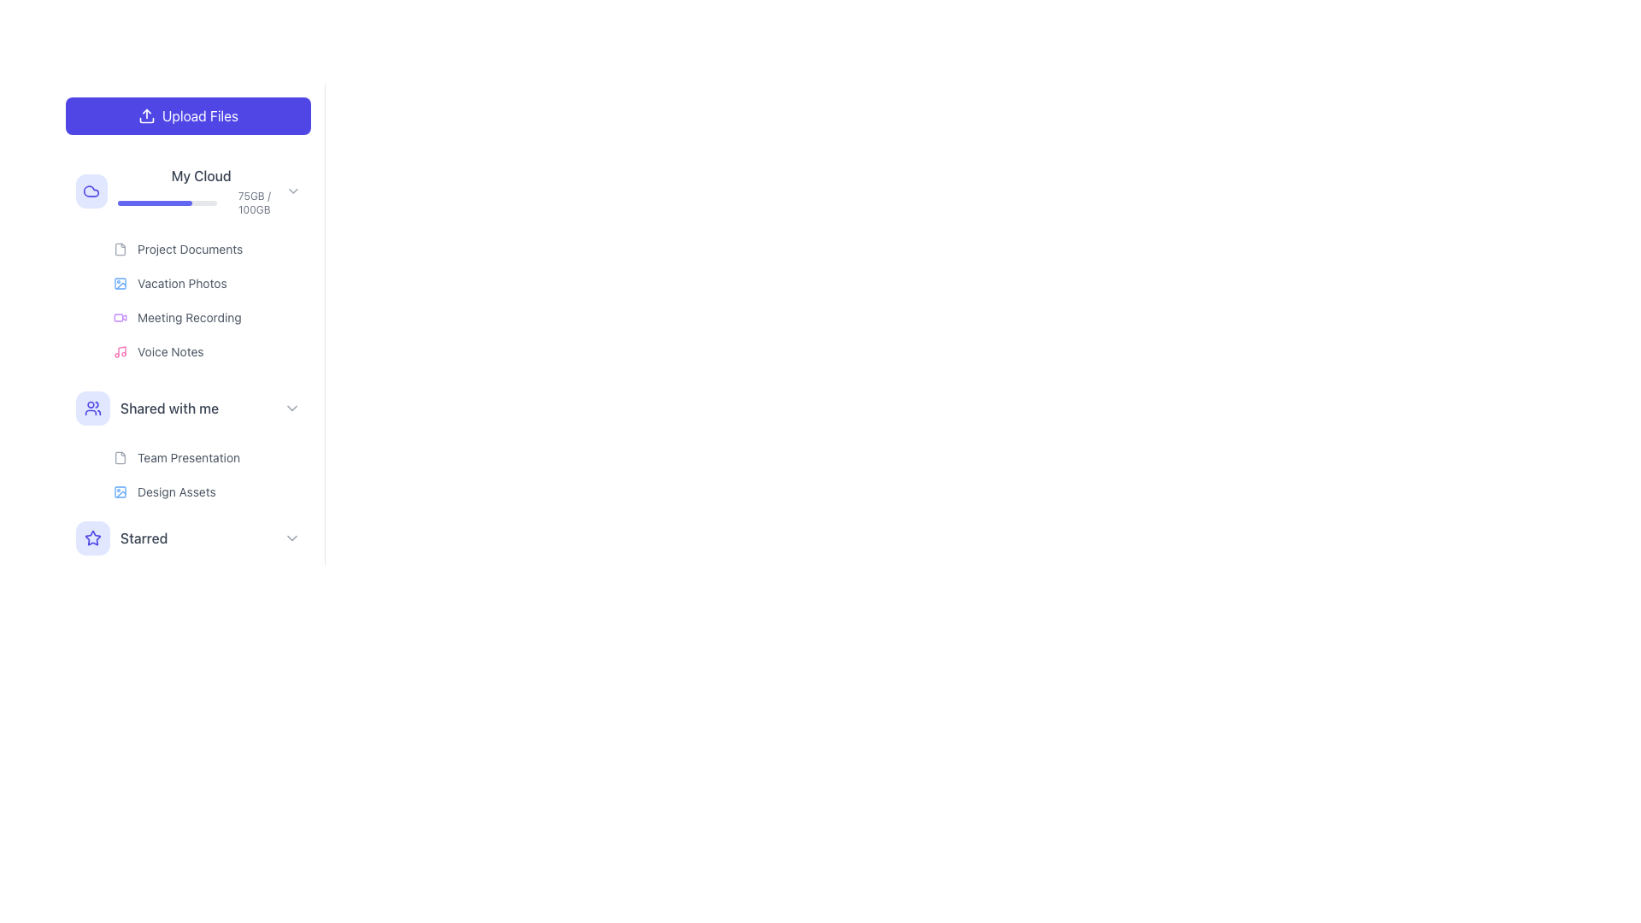  I want to click on the 'Voice Notes' List Item, which represents a file or folder with a size of 125MB, located as the fourth entry under the 'My Cloud' section, so click(208, 351).